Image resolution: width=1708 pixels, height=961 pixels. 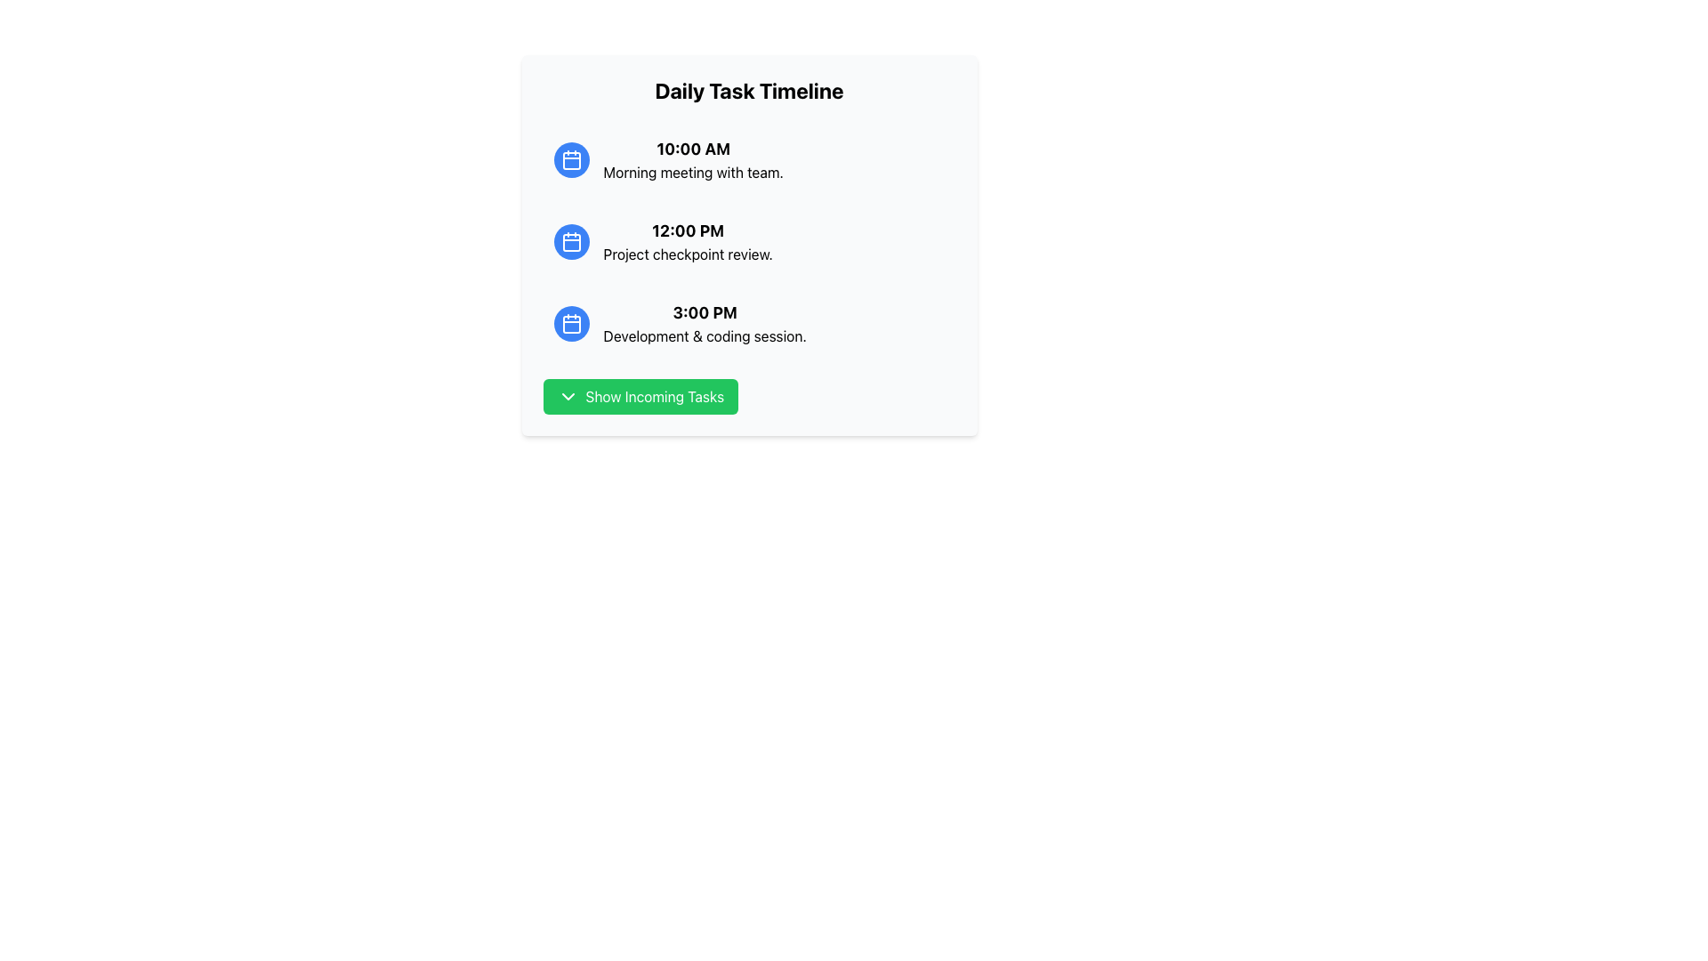 What do you see at coordinates (692, 160) in the screenshot?
I see `contents of the text block displaying '10:00 AM' and 'Morning meeting with team.' which is the first item in the vertical list under 'Daily Task Timeline'` at bounding box center [692, 160].